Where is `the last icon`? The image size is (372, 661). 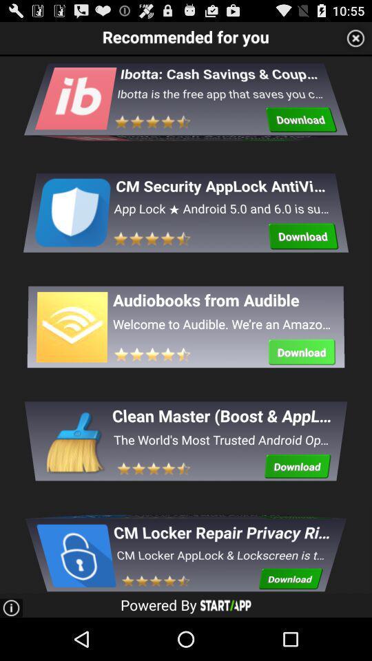
the last icon is located at coordinates (75, 548).